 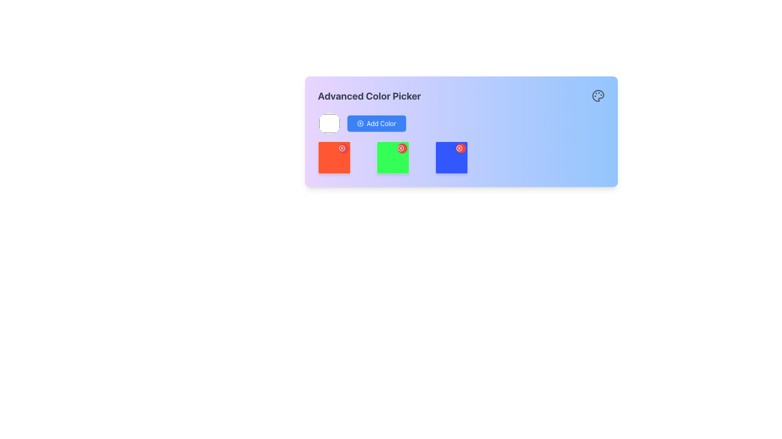 I want to click on the small circular button with a red background and white 'x' at the top-right corner of the green square, so click(x=400, y=148).